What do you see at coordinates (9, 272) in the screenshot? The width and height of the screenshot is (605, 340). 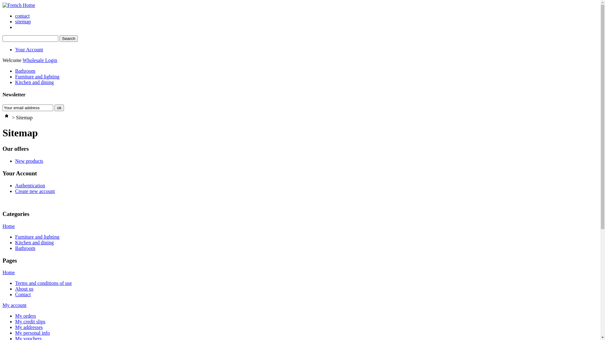 I see `'Home'` at bounding box center [9, 272].